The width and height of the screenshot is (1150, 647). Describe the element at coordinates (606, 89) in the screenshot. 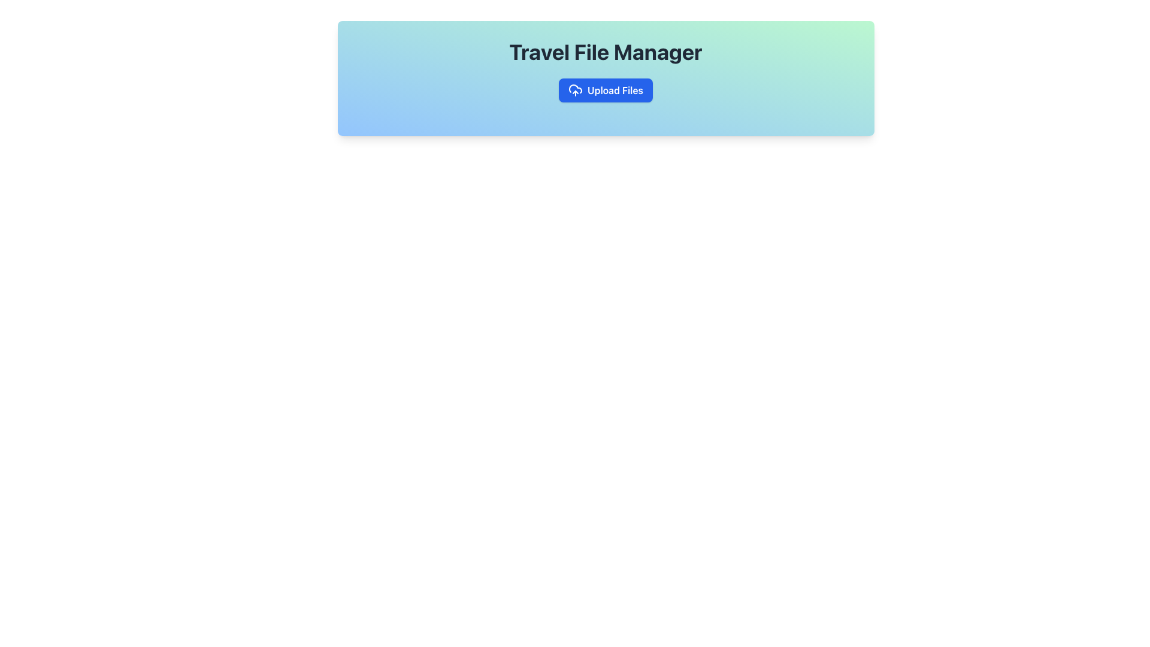

I see `the rectangular blue button labeled 'Upload Files' with a cloud-shaped icon to visualize the hover effects` at that location.